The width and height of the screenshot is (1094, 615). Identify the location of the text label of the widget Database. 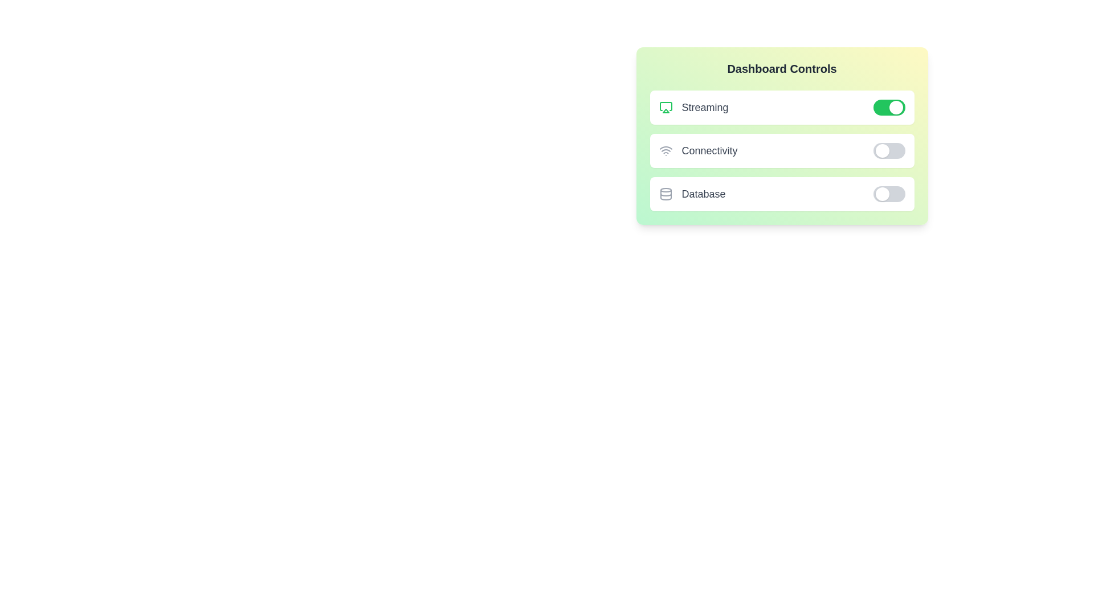
(691, 193).